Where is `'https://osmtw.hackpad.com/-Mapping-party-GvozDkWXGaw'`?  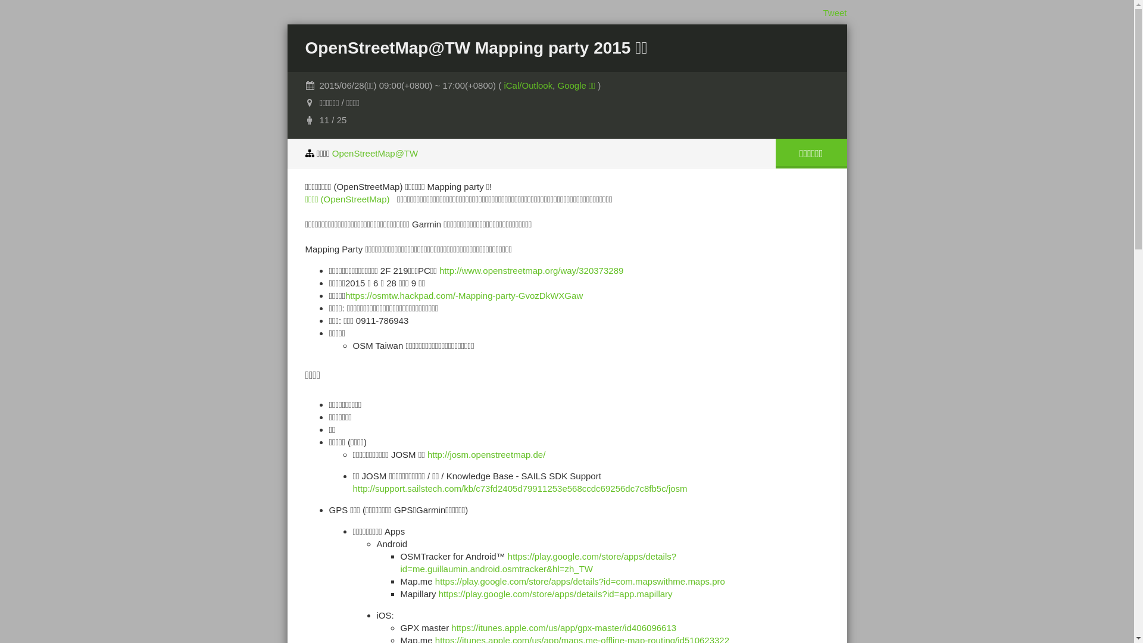 'https://osmtw.hackpad.com/-Mapping-party-GvozDkWXGaw' is located at coordinates (463, 295).